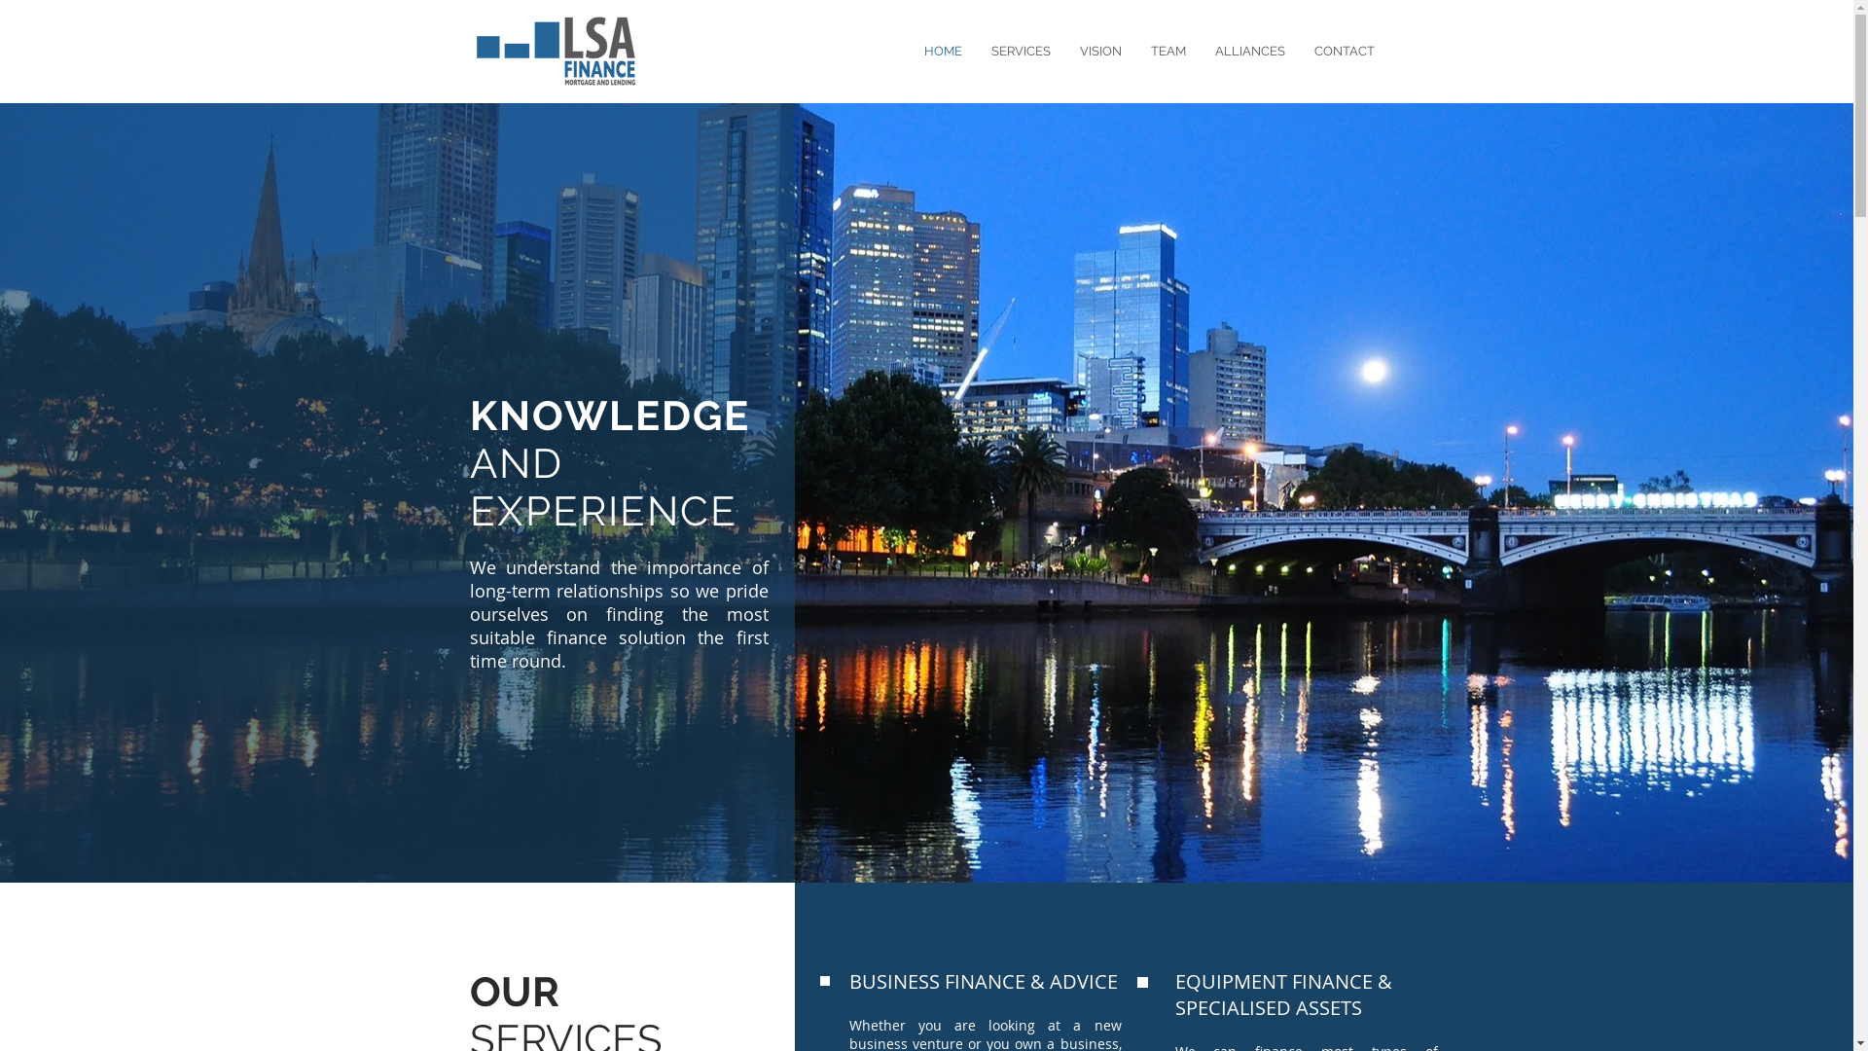 Image resolution: width=1868 pixels, height=1051 pixels. I want to click on 'BUSINESS FINANCE & ADVICE', so click(982, 981).